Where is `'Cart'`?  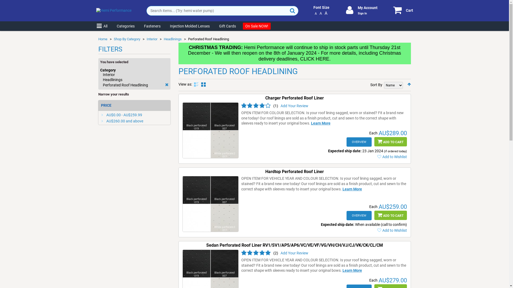
'Cart' is located at coordinates (385, 10).